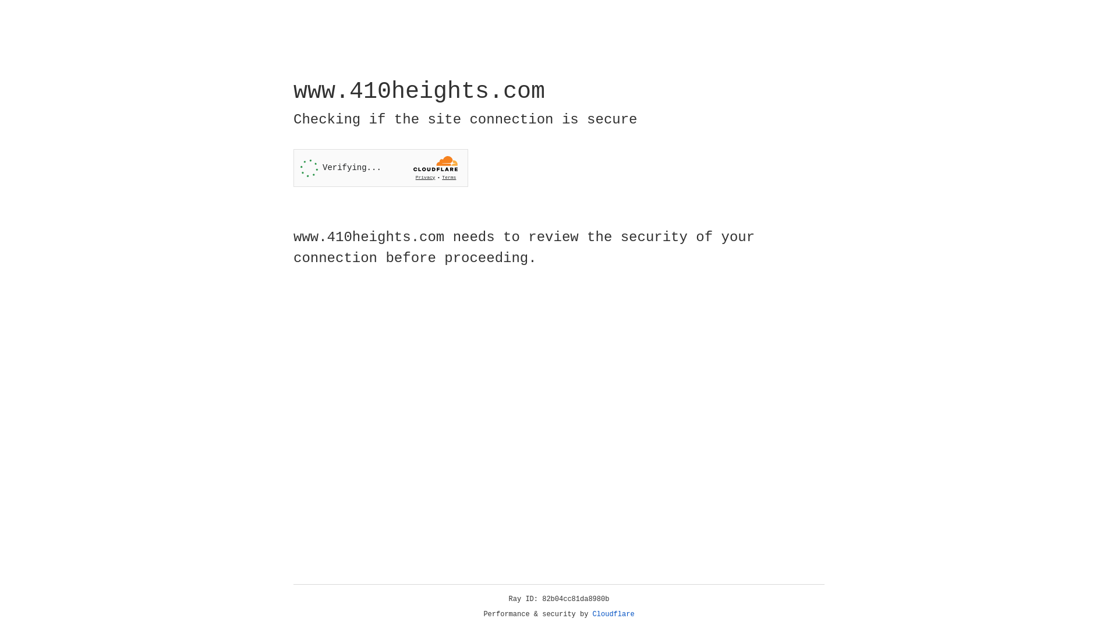 The height and width of the screenshot is (629, 1118). I want to click on 'Widget containing a Cloudflare security challenge', so click(380, 168).